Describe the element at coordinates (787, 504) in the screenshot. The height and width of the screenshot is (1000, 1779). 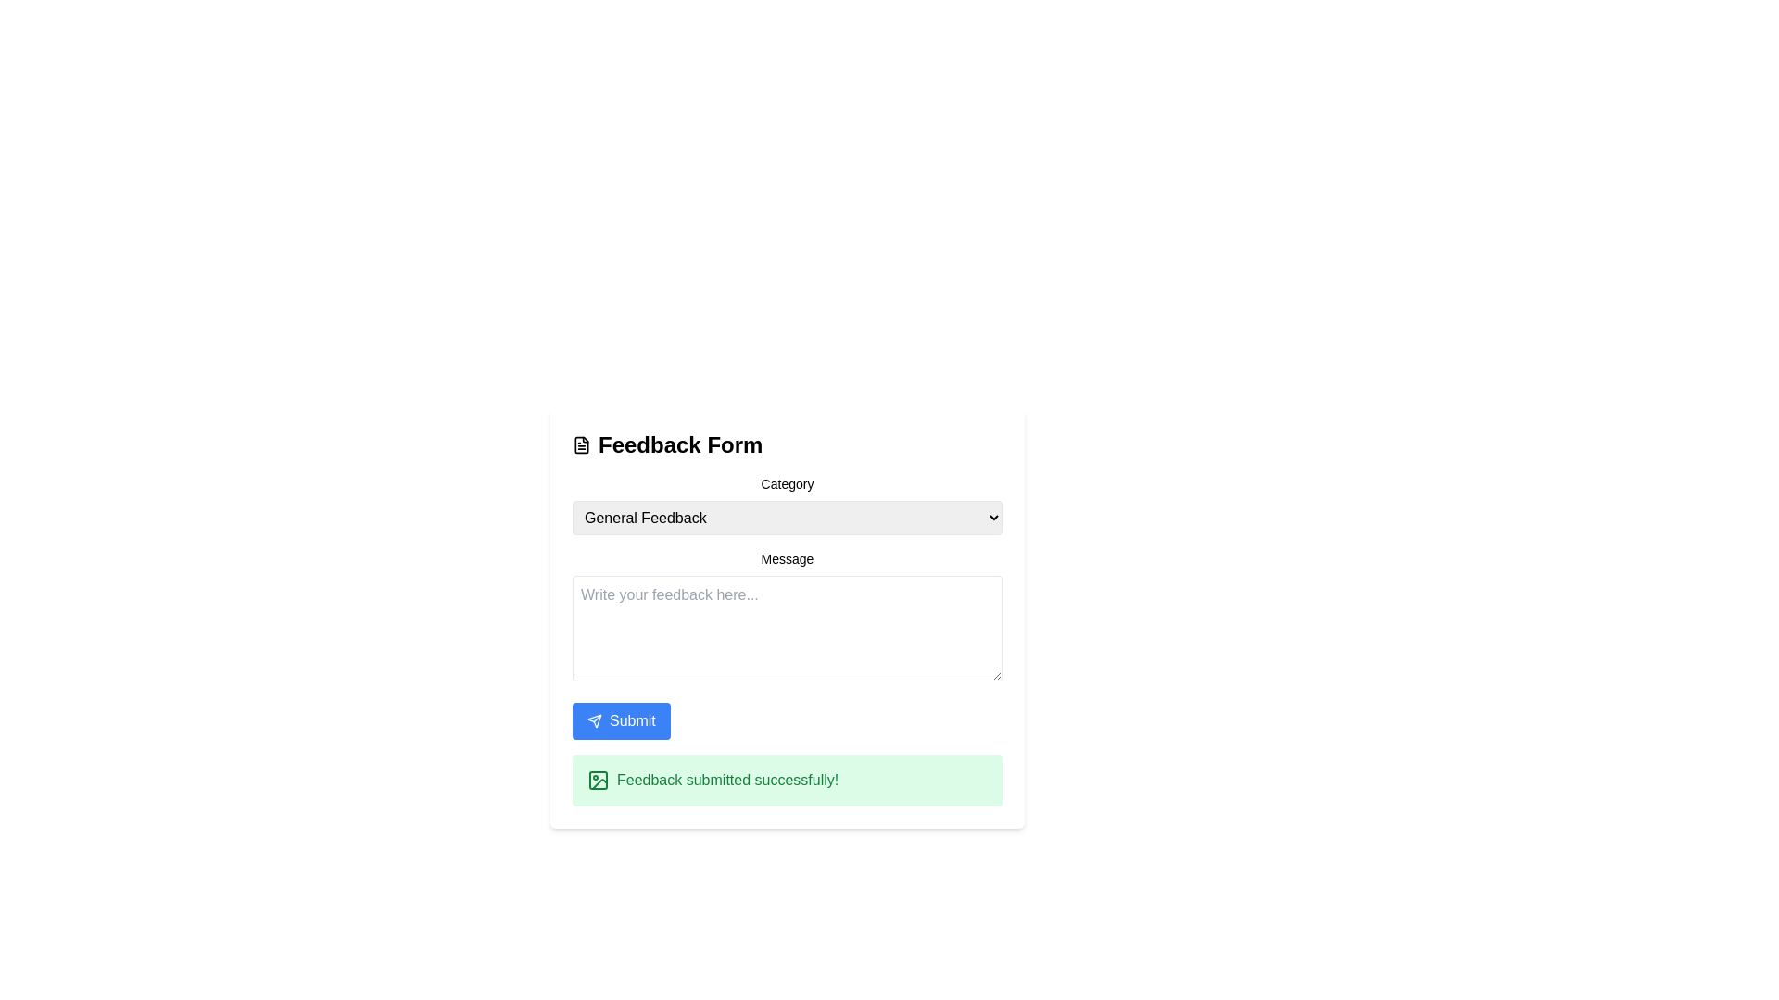
I see `the category from the dropdown menu located below the 'Category' label in the feedback form, then press the arrow keys to navigate through the options` at that location.